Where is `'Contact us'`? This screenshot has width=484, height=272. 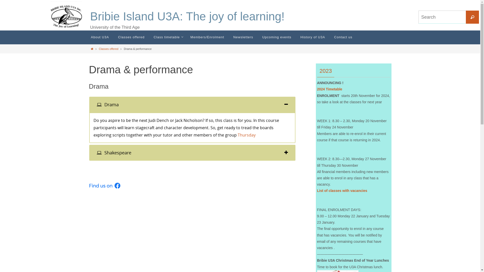 'Contact us' is located at coordinates (330, 37).